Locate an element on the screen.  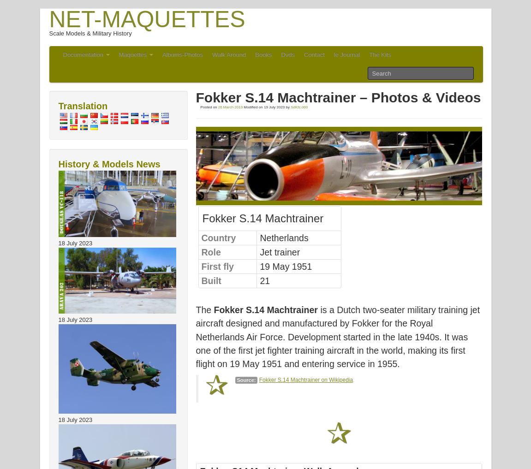
'Fokker S.14 Machtrainer on Wikipedia' is located at coordinates (305, 379).